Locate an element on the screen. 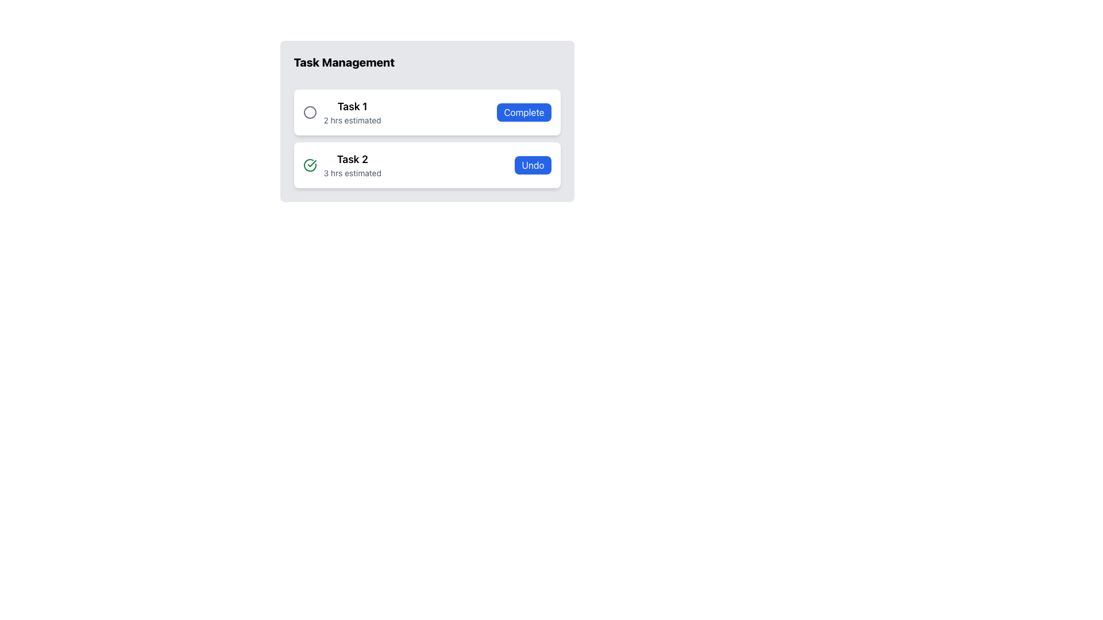 This screenshot has height=620, width=1103. the green checkmark icon in the second row of the task list, which is to the left of the bold text 'Task 2' is located at coordinates (310, 165).